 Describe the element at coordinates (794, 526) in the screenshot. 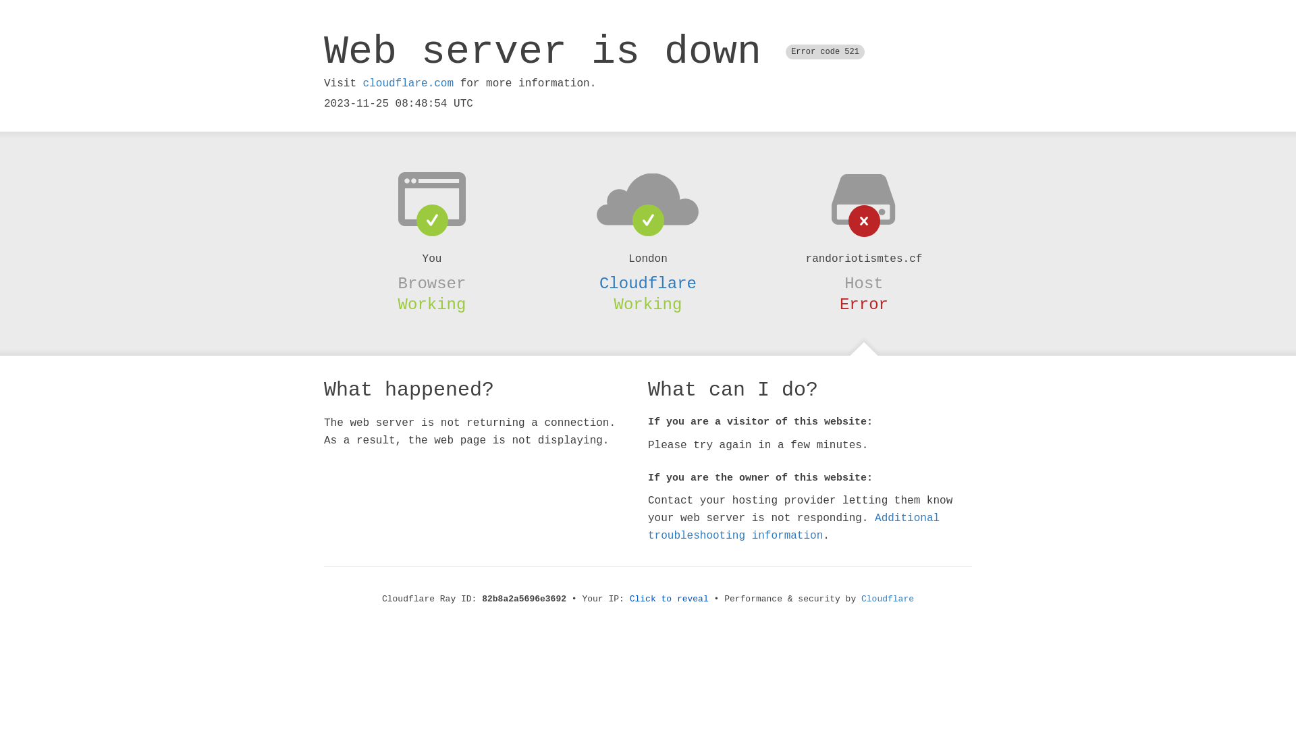

I see `'Additional troubleshooting information'` at that location.